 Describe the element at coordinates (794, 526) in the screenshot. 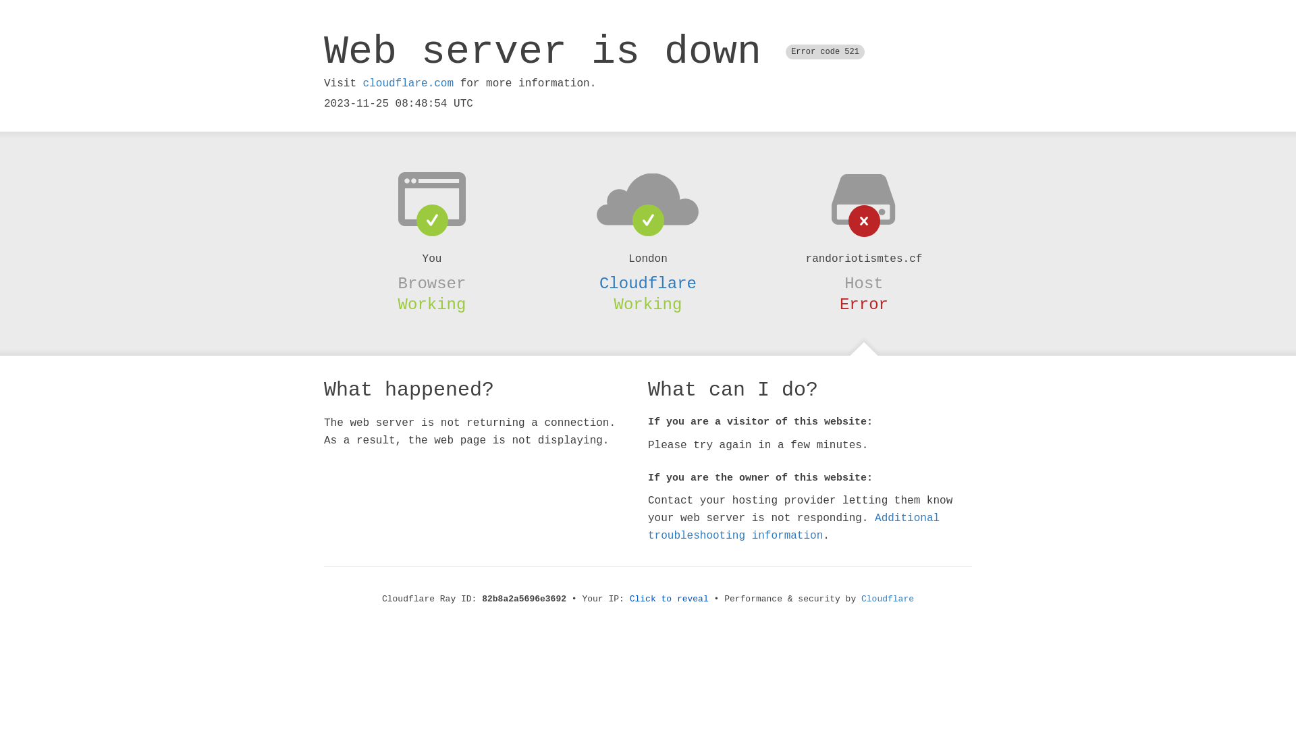

I see `'Additional troubleshooting information'` at that location.